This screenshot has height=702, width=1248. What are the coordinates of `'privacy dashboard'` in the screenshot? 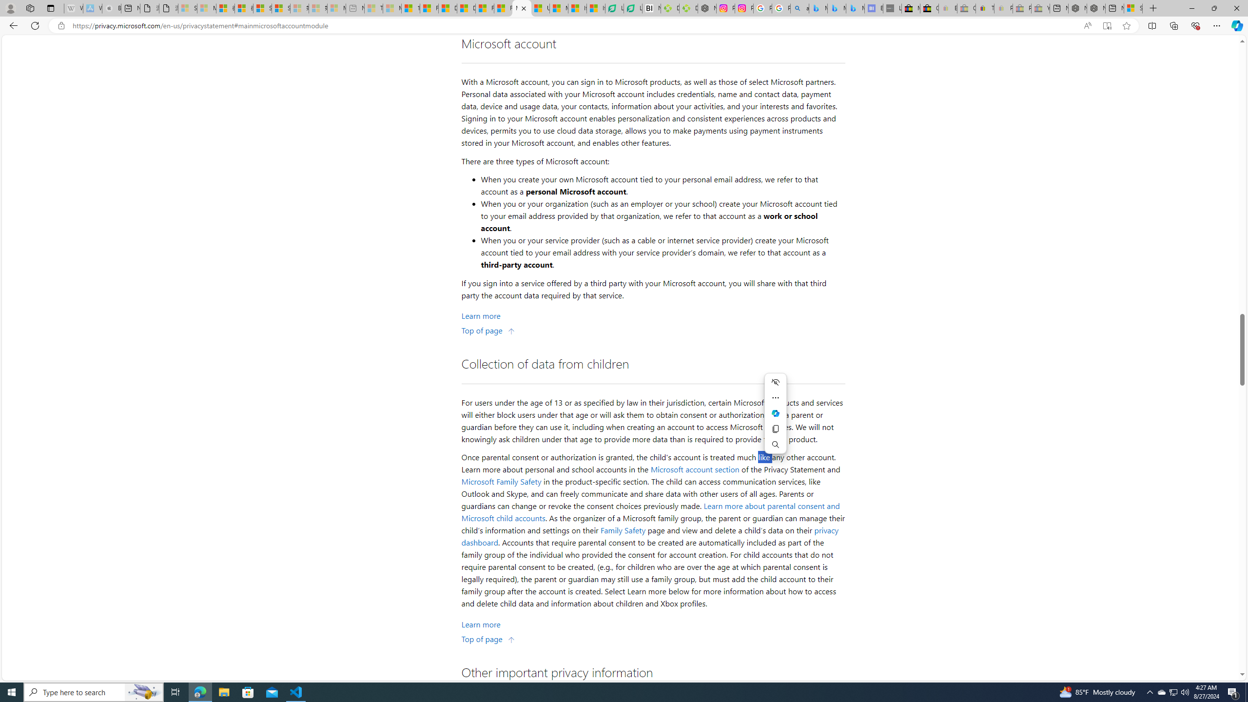 It's located at (649, 536).